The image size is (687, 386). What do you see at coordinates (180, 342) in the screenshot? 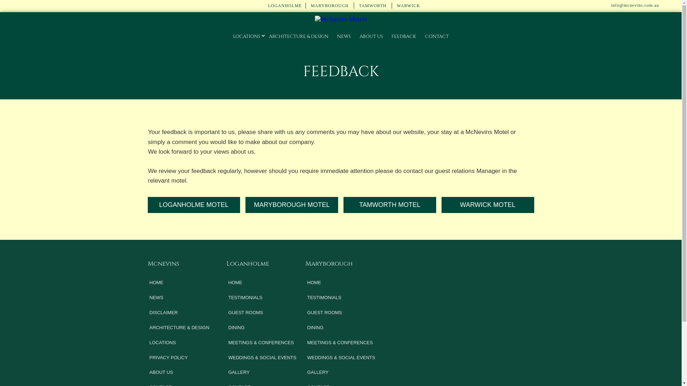
I see `'LOCATIONS'` at bounding box center [180, 342].